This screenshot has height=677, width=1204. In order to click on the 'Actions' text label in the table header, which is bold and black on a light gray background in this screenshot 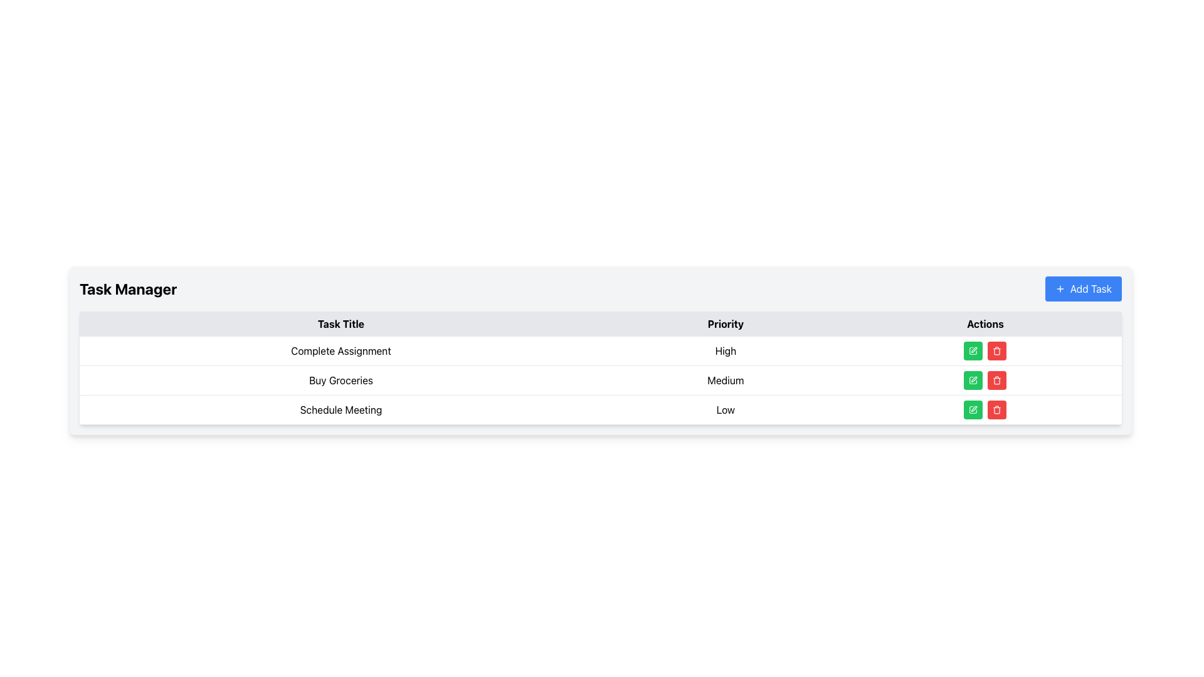, I will do `click(985, 323)`.